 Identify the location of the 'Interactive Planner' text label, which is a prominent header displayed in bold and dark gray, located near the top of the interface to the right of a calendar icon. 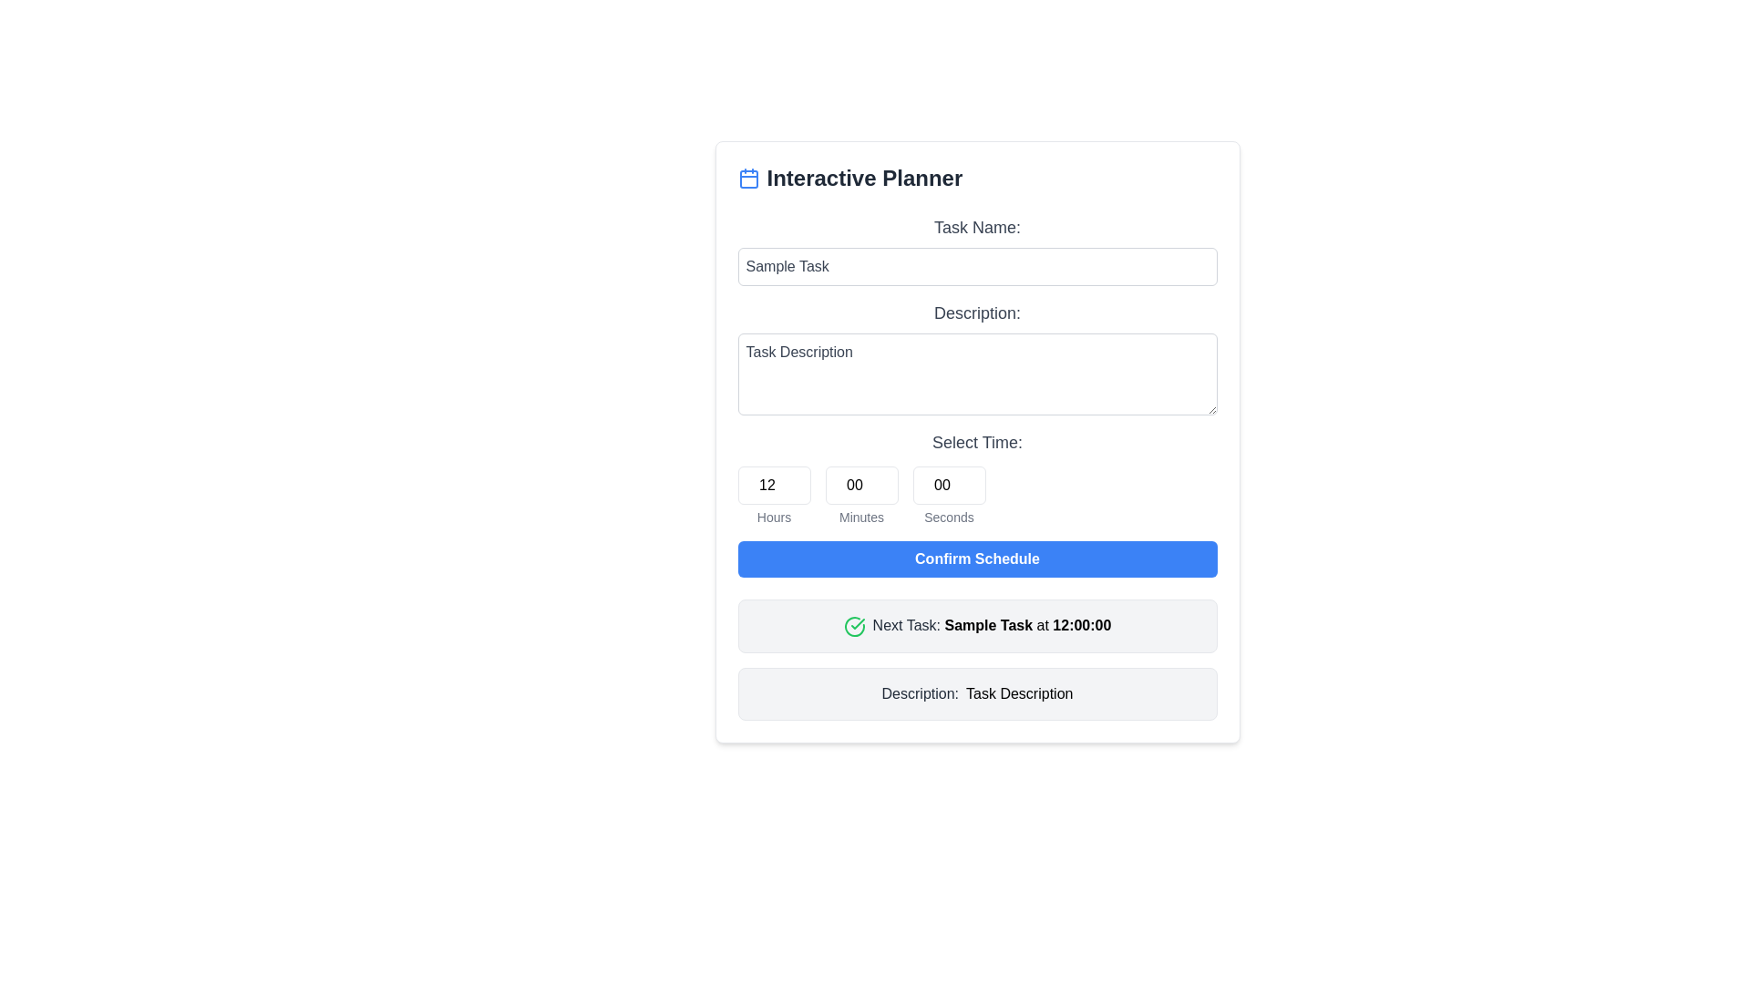
(863, 179).